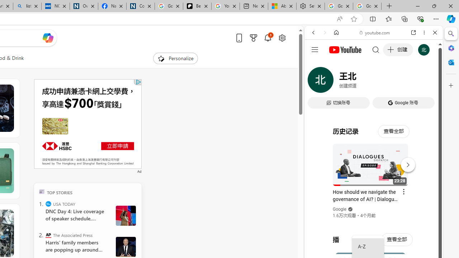 Image resolution: width=459 pixels, height=258 pixels. Describe the element at coordinates (175, 58) in the screenshot. I see `'Personalize'` at that location.